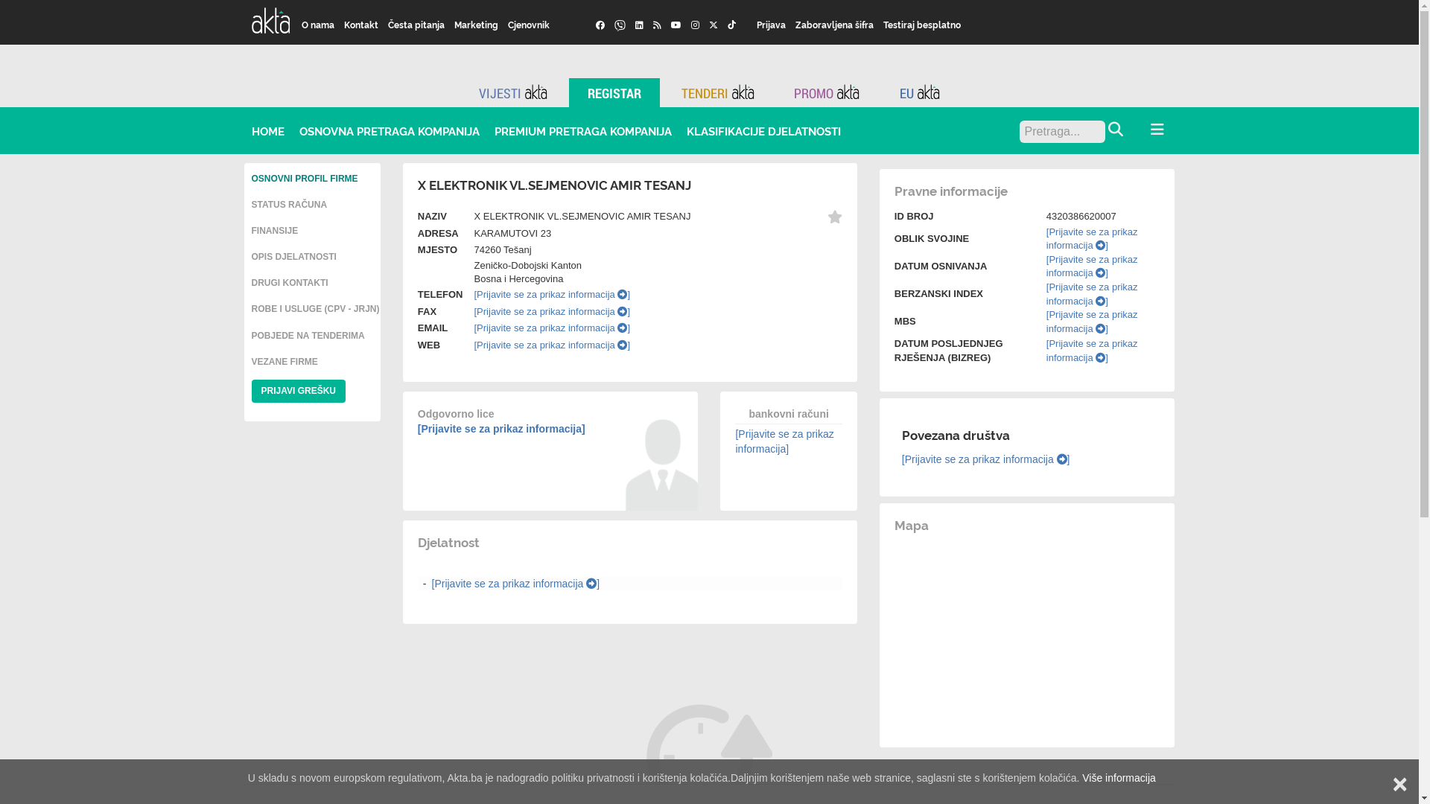 This screenshot has width=1430, height=804. Describe the element at coordinates (763, 130) in the screenshot. I see `'KLASIFIKACIJE DJELATNOSTI'` at that location.